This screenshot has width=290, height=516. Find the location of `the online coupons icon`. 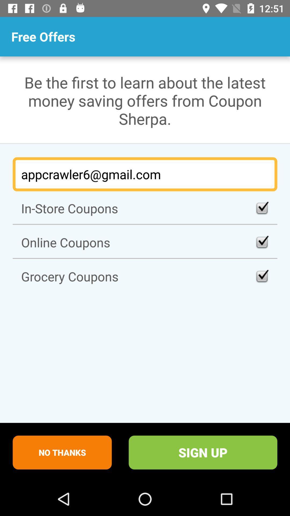

the online coupons icon is located at coordinates (145, 242).